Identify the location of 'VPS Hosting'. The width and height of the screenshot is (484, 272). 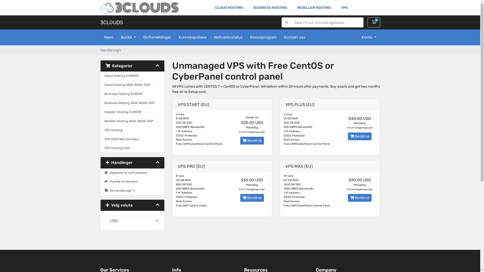
(132, 130).